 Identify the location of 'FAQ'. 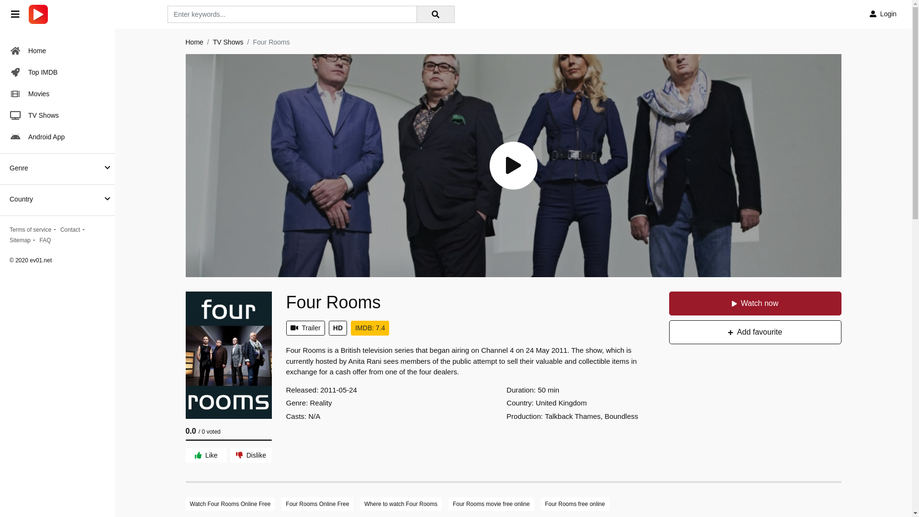
(45, 240).